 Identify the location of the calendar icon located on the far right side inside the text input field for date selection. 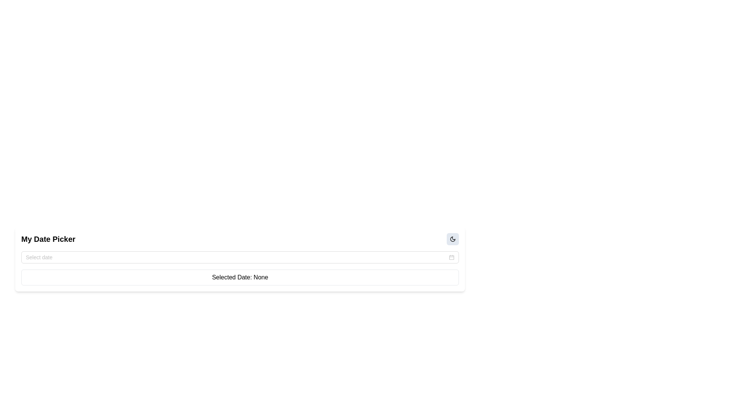
(452, 257).